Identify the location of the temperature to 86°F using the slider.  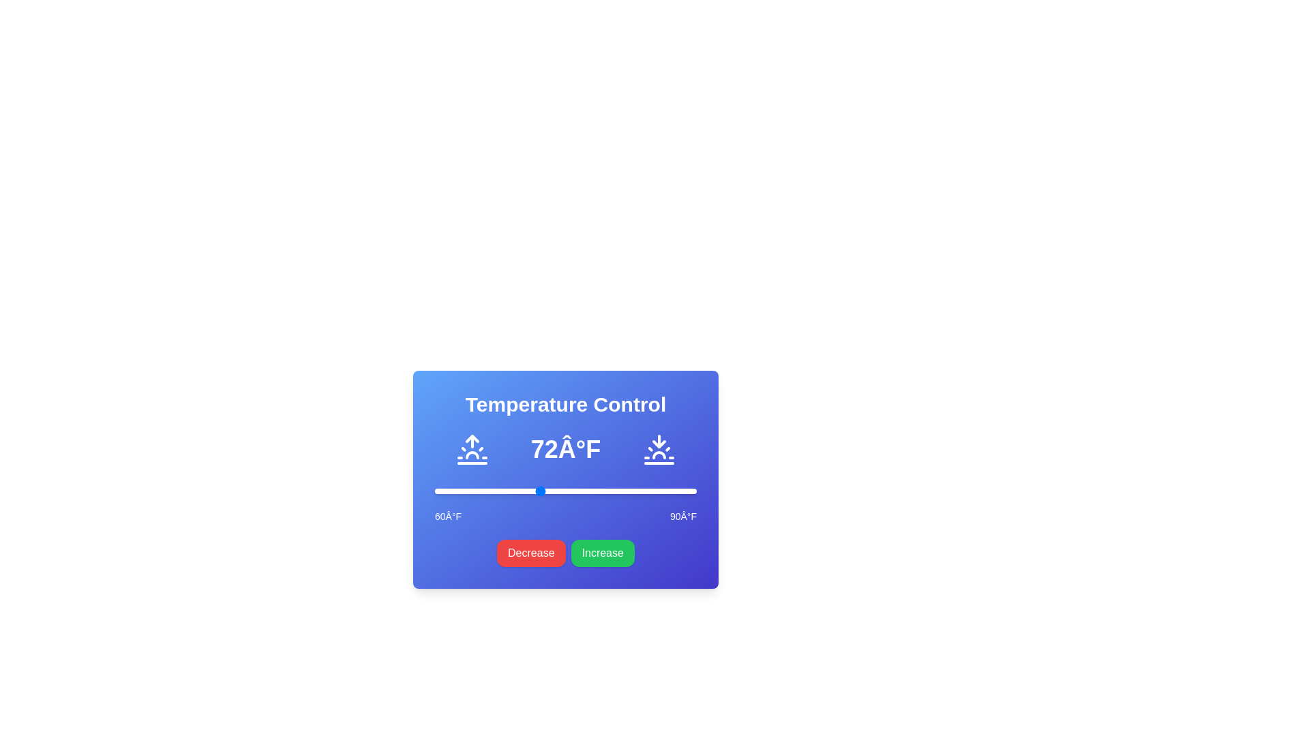
(661, 491).